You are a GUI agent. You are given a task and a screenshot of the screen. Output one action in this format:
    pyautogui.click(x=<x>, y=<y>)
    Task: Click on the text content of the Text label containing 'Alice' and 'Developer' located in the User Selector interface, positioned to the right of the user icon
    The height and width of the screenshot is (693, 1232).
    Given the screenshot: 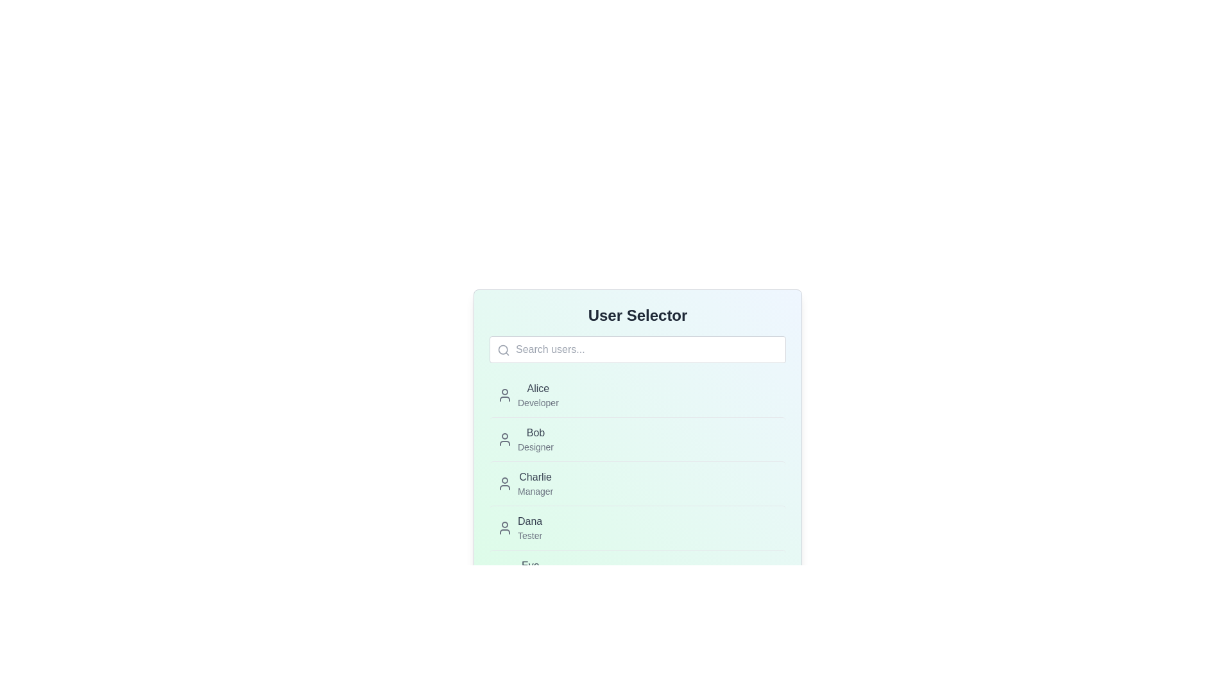 What is the action you would take?
    pyautogui.click(x=538, y=395)
    